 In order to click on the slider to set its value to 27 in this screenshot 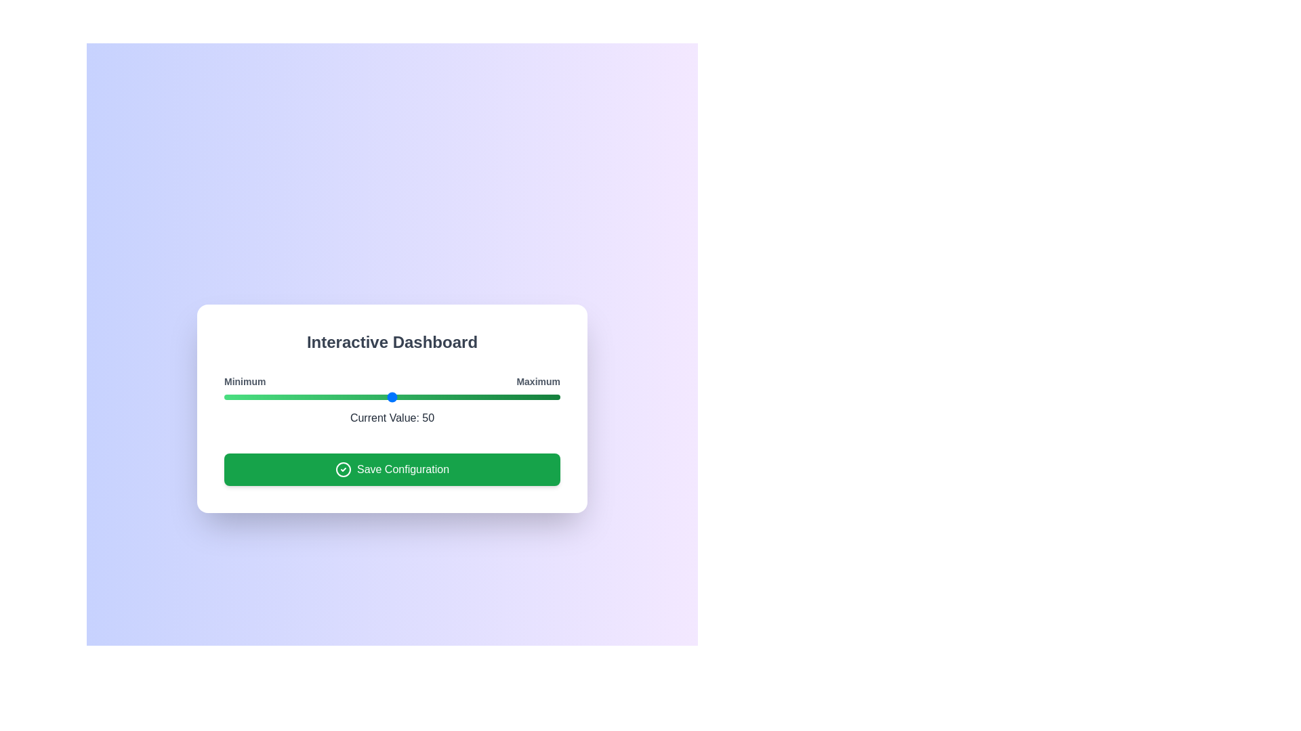, I will do `click(314, 396)`.